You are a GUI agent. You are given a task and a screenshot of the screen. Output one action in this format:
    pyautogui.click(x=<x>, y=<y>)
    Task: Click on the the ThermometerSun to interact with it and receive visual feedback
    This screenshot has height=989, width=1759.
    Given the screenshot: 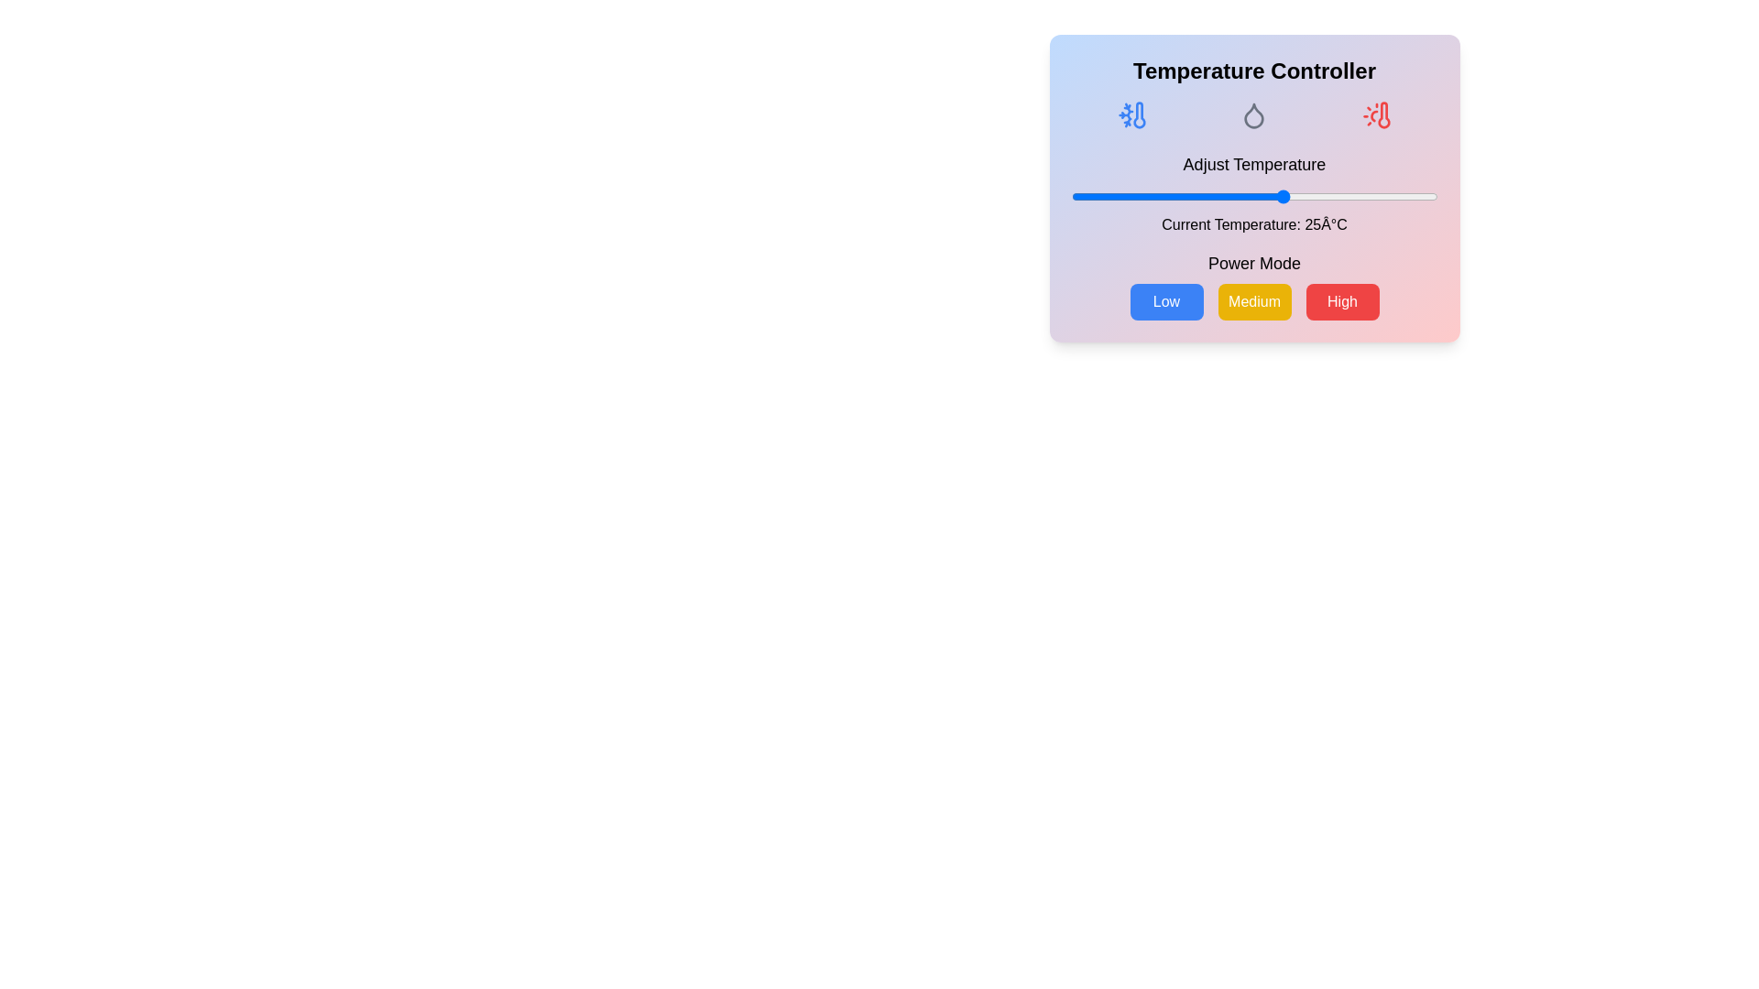 What is the action you would take?
    pyautogui.click(x=1376, y=115)
    